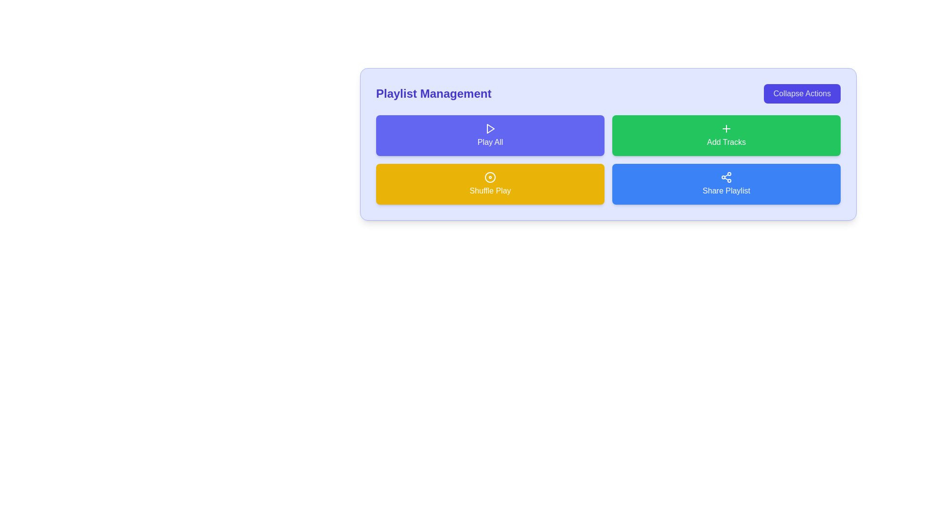 The height and width of the screenshot is (525, 933). What do you see at coordinates (490, 184) in the screenshot?
I see `the yellow rectangular button labeled 'Shuffle Play' with a white circular icon above it` at bounding box center [490, 184].